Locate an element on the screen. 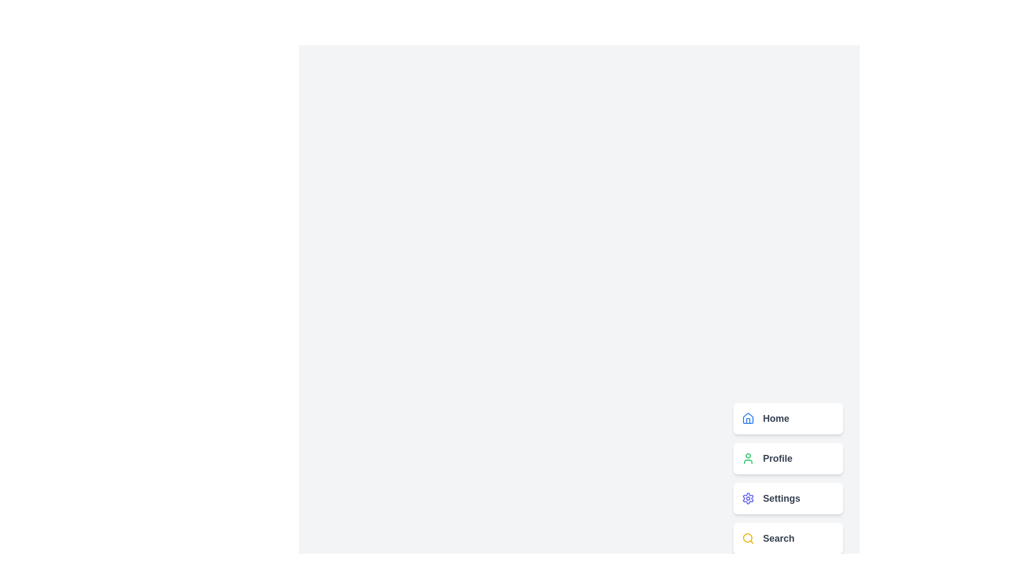  the 'Settings' button to activate the menu option is located at coordinates (788, 498).